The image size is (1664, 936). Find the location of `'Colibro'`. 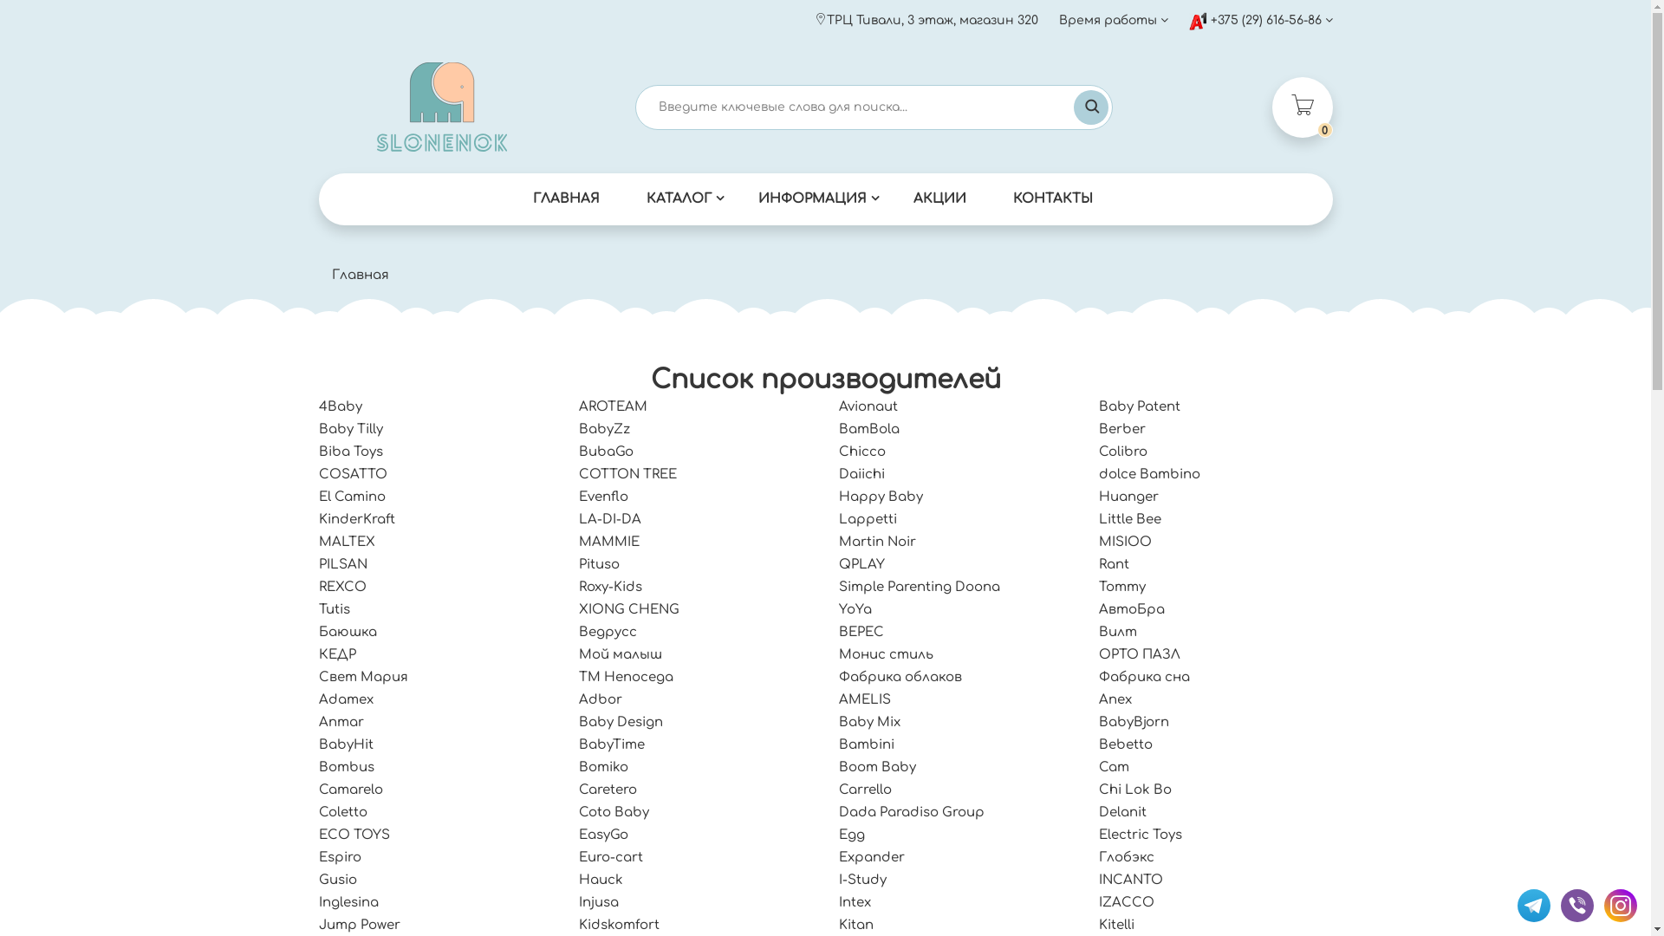

'Colibro' is located at coordinates (1123, 451).